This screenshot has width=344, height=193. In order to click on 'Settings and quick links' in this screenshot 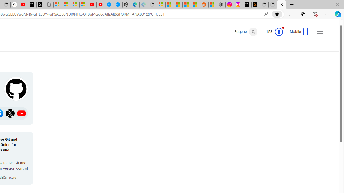, I will do `click(320, 32)`.